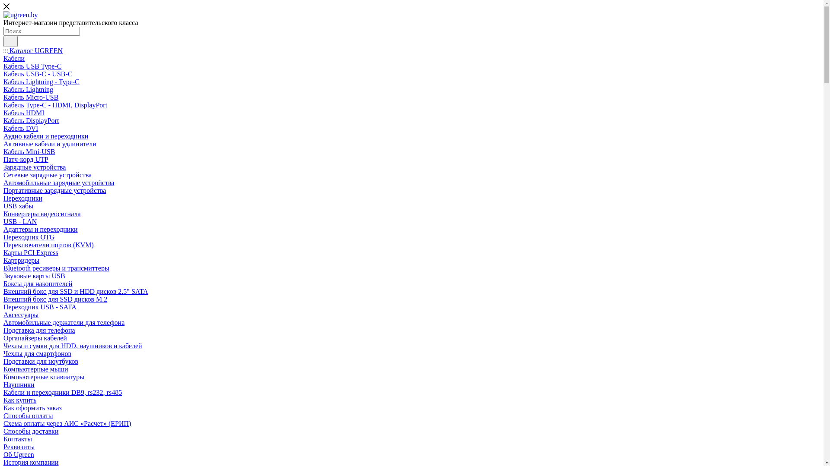  Describe the element at coordinates (20, 221) in the screenshot. I see `'USB - LAN'` at that location.